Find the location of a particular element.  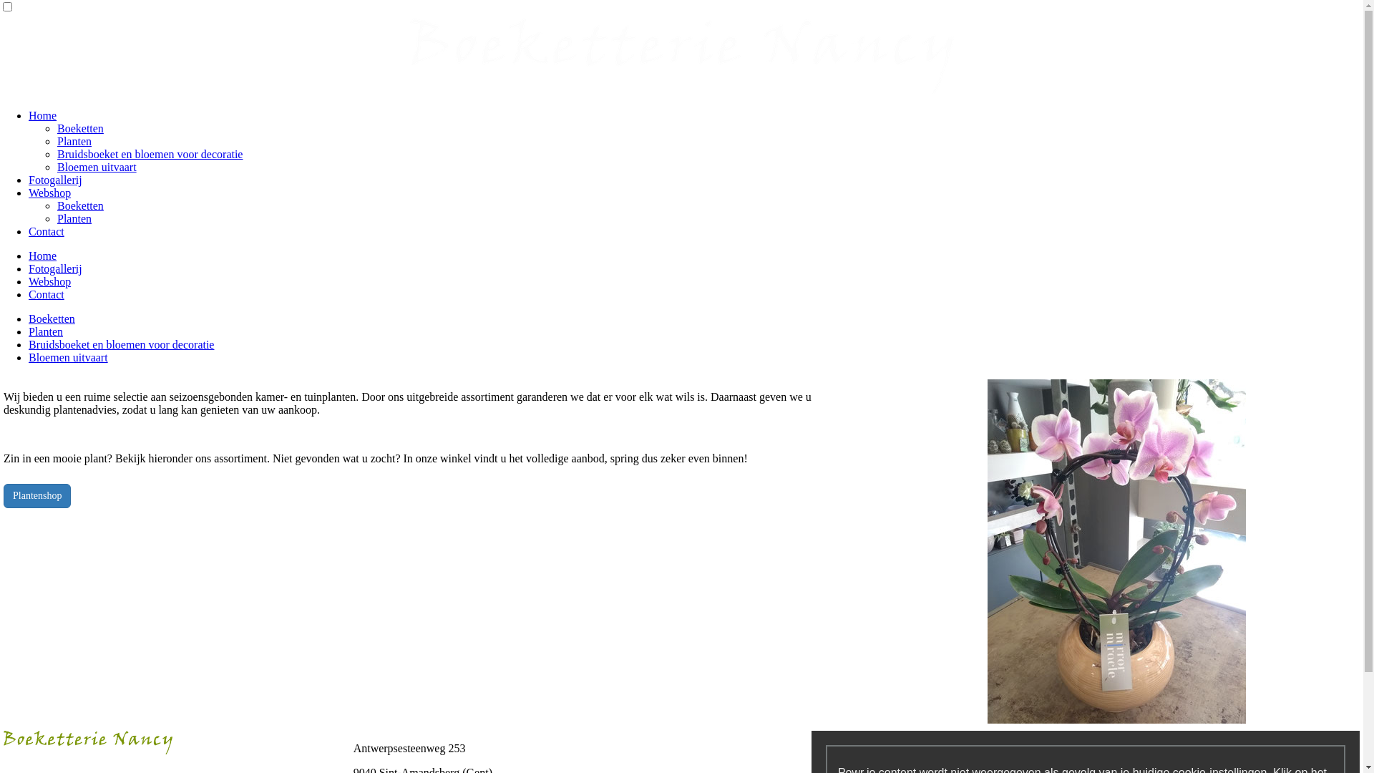

'Contact' is located at coordinates (47, 230).